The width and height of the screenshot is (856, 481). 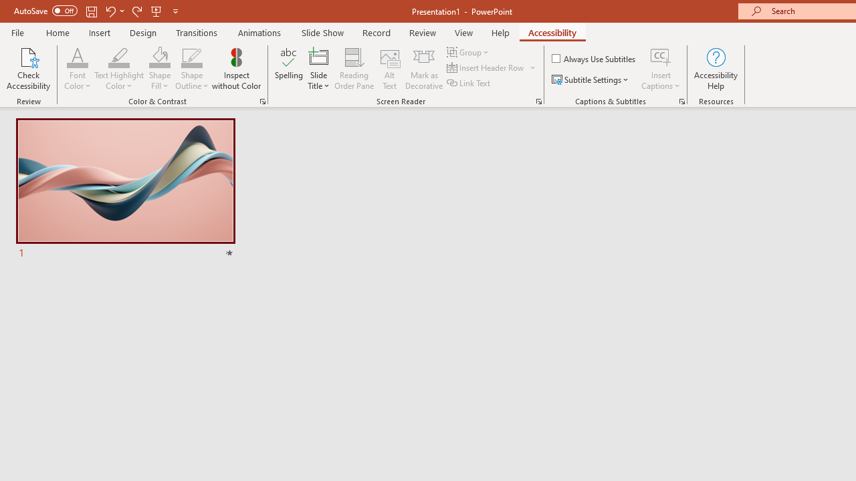 What do you see at coordinates (159, 56) in the screenshot?
I see `'Shape Fill Orange, Accent 2'` at bounding box center [159, 56].